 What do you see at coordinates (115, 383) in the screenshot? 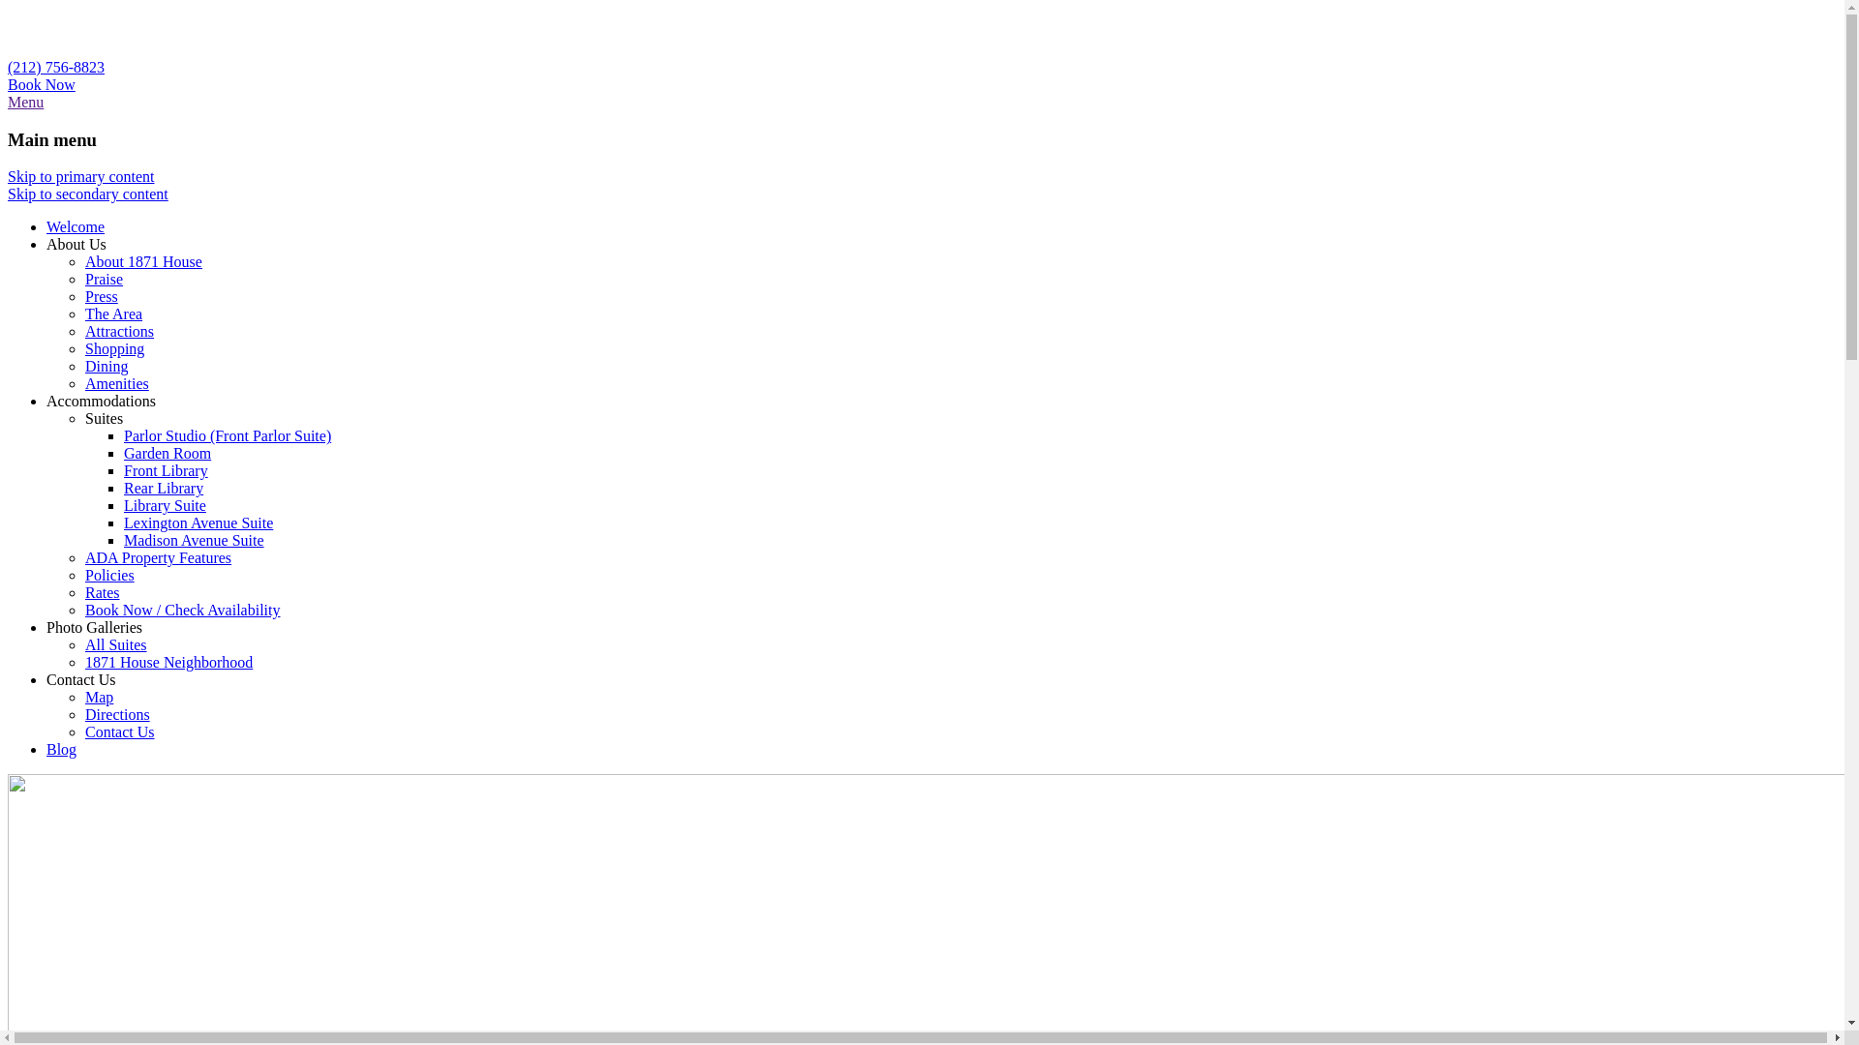
I see `'Amenities'` at bounding box center [115, 383].